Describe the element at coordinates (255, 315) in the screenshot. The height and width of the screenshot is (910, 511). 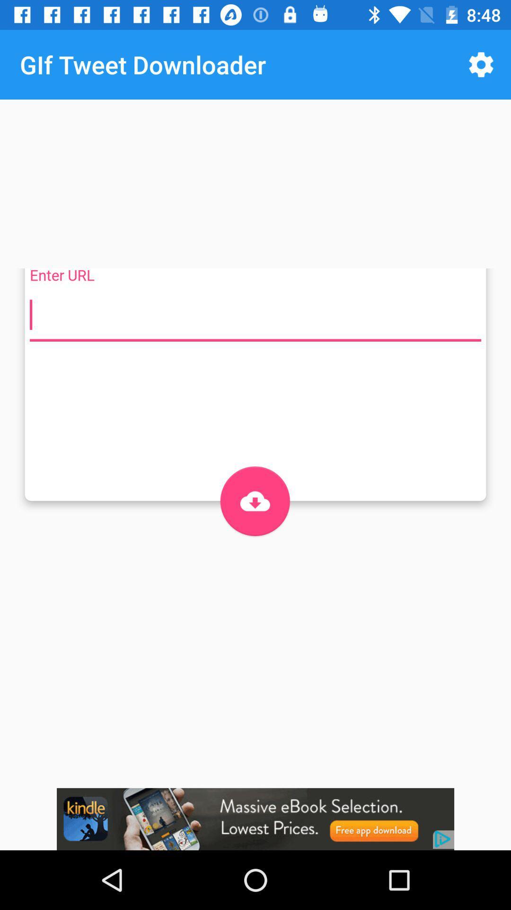
I see `url` at that location.